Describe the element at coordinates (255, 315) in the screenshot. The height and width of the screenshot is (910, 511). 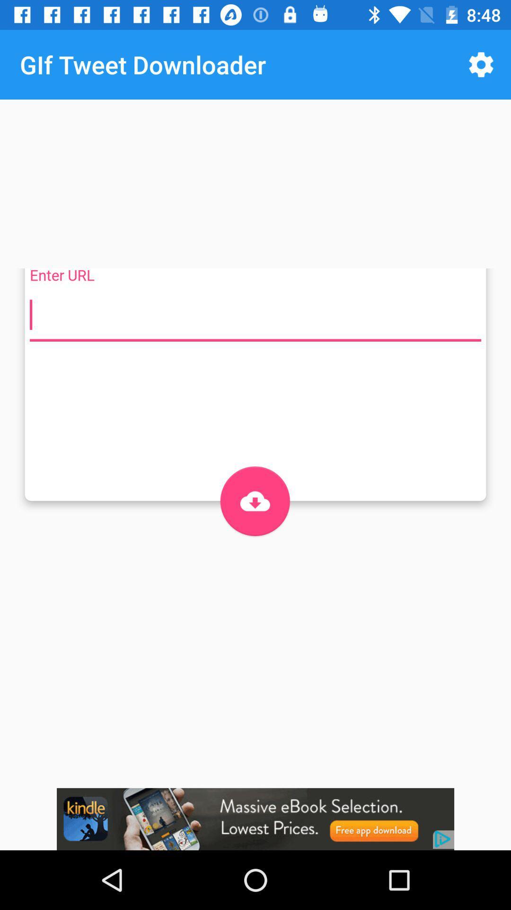
I see `url` at that location.